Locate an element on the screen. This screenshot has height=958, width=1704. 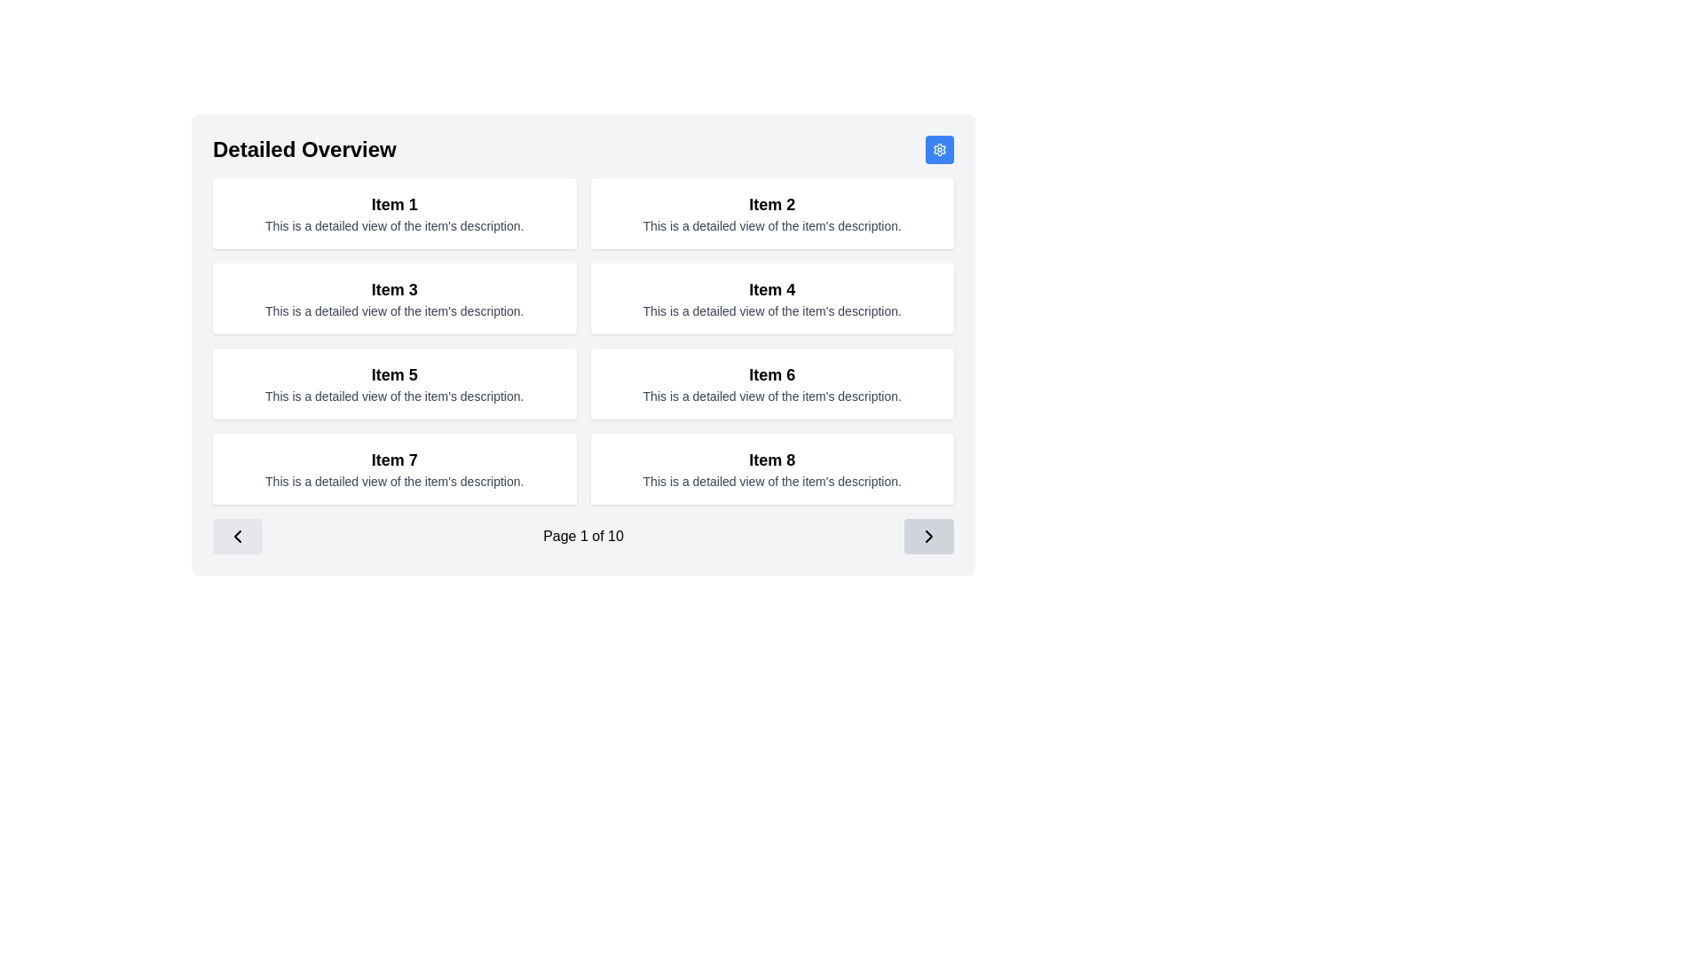
the bold text label 'Item 4' located in the second row, left column of the grid layout is located at coordinates (772, 289).